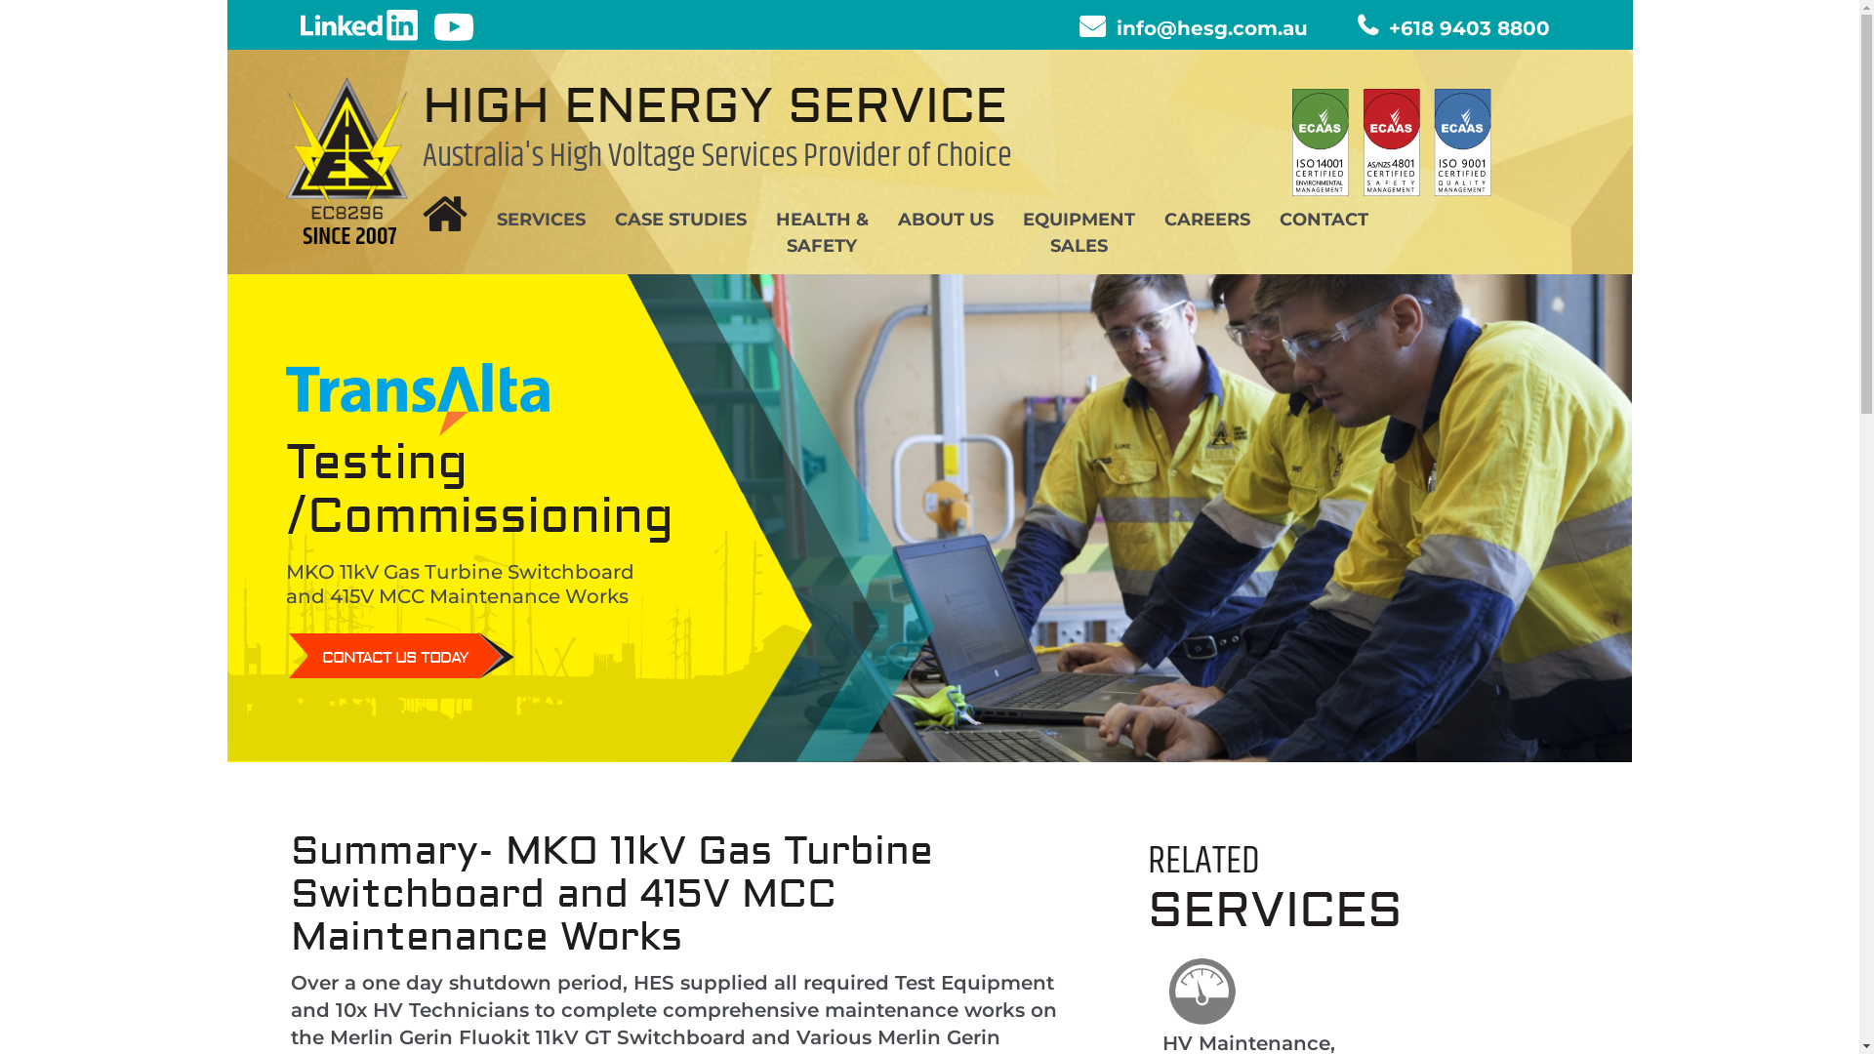  Describe the element at coordinates (1078, 232) in the screenshot. I see `'EQUIPMENT` at that location.